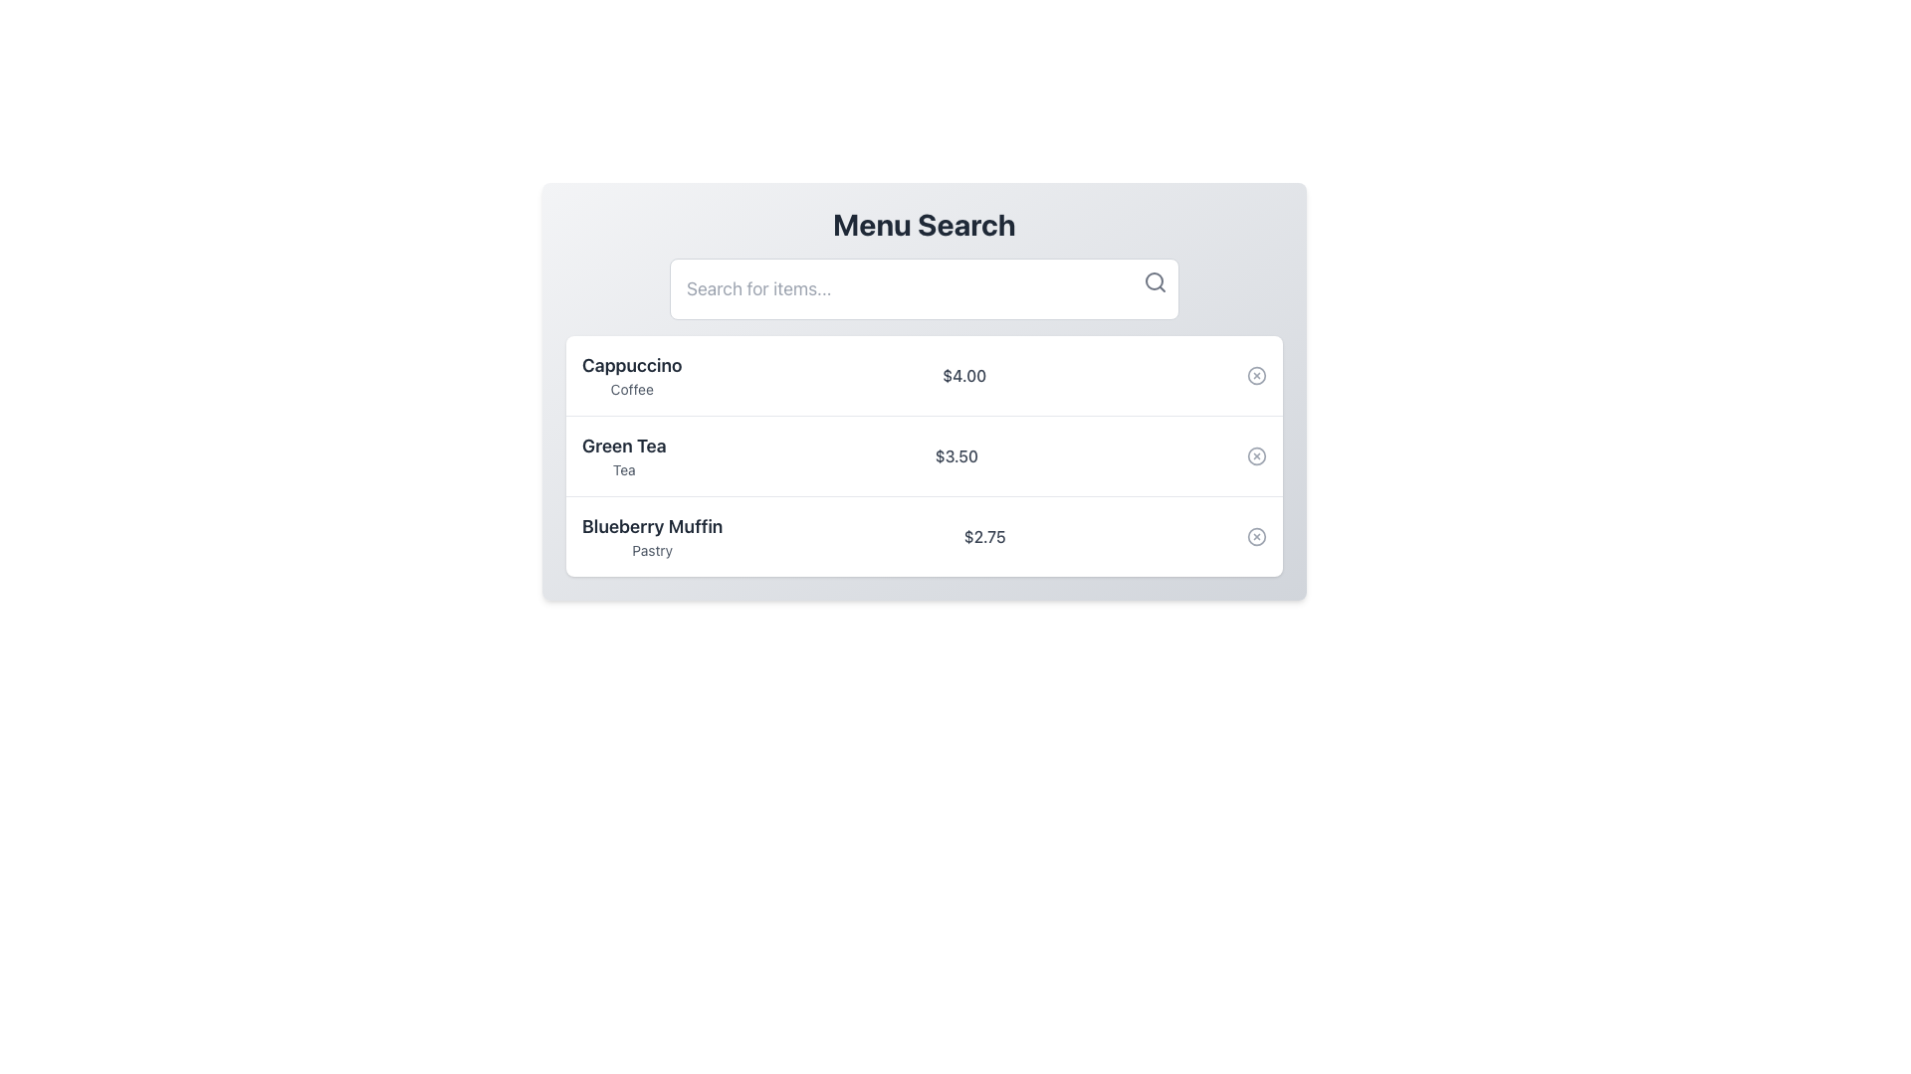  I want to click on the Text Label that displays 'Green Tea' and 'Tea', which is the second item in the list, so click(623, 456).